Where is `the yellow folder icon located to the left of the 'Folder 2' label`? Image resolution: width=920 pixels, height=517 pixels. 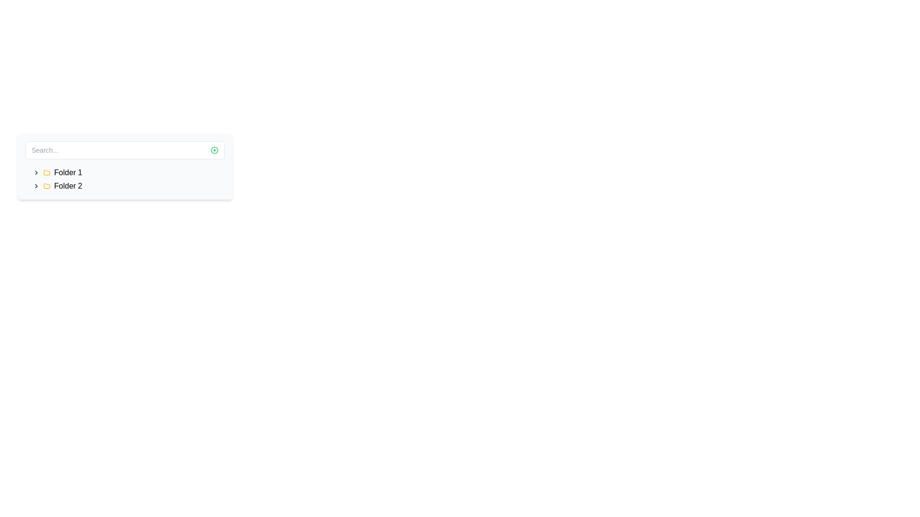 the yellow folder icon located to the left of the 'Folder 2' label is located at coordinates (46, 186).